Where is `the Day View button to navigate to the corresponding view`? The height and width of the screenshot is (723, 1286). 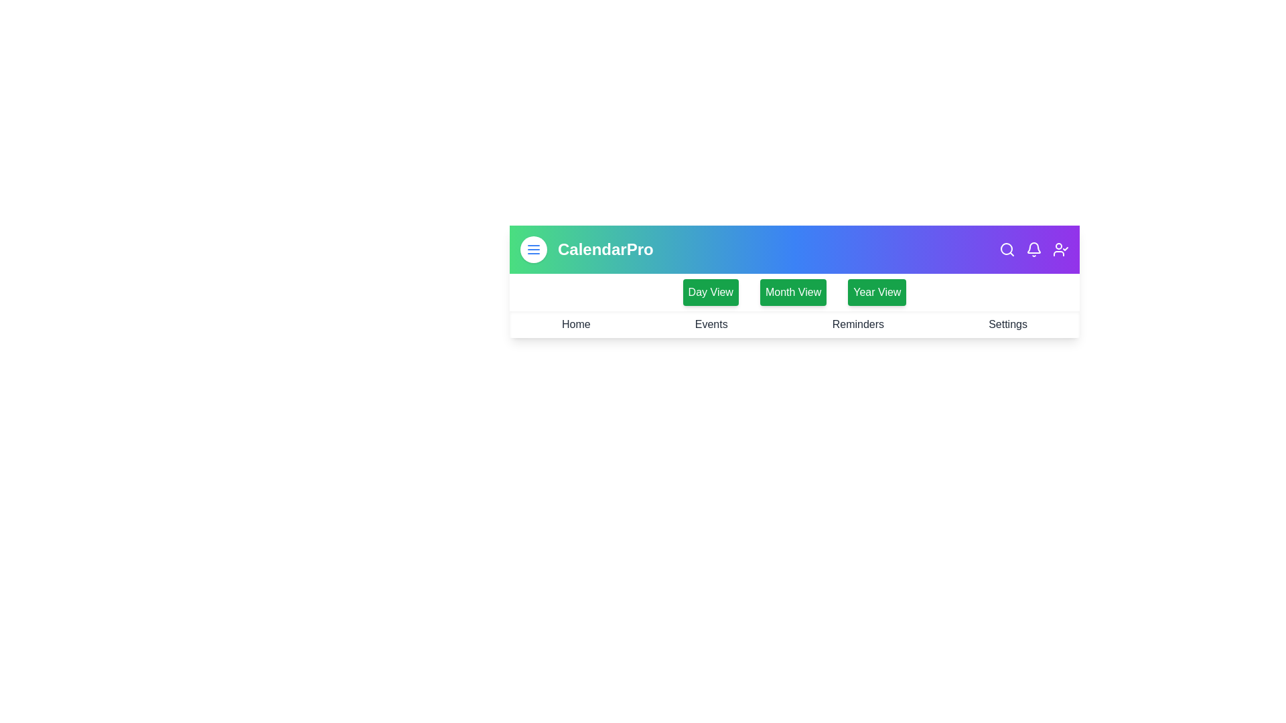
the Day View button to navigate to the corresponding view is located at coordinates (709, 291).